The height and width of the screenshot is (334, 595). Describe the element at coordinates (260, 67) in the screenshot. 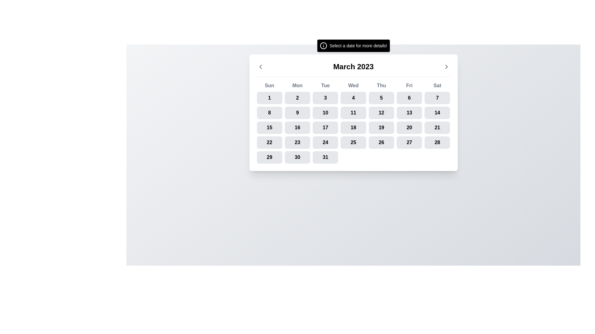

I see `the chevron icon located in the calendar interface` at that location.